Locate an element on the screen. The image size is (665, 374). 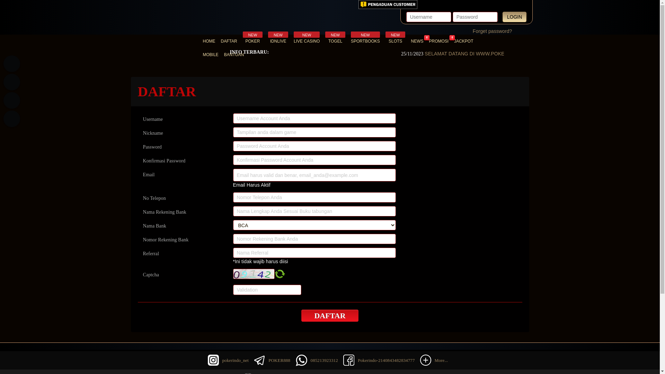
'NEW is located at coordinates (396, 41).